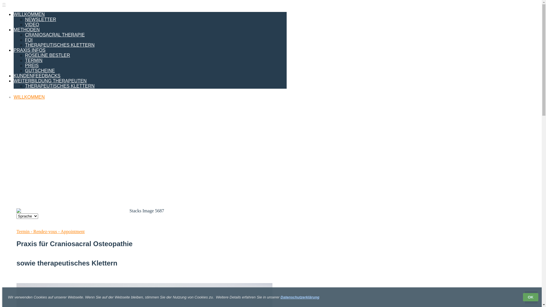  Describe the element at coordinates (32, 24) in the screenshot. I see `'VIDEO'` at that location.